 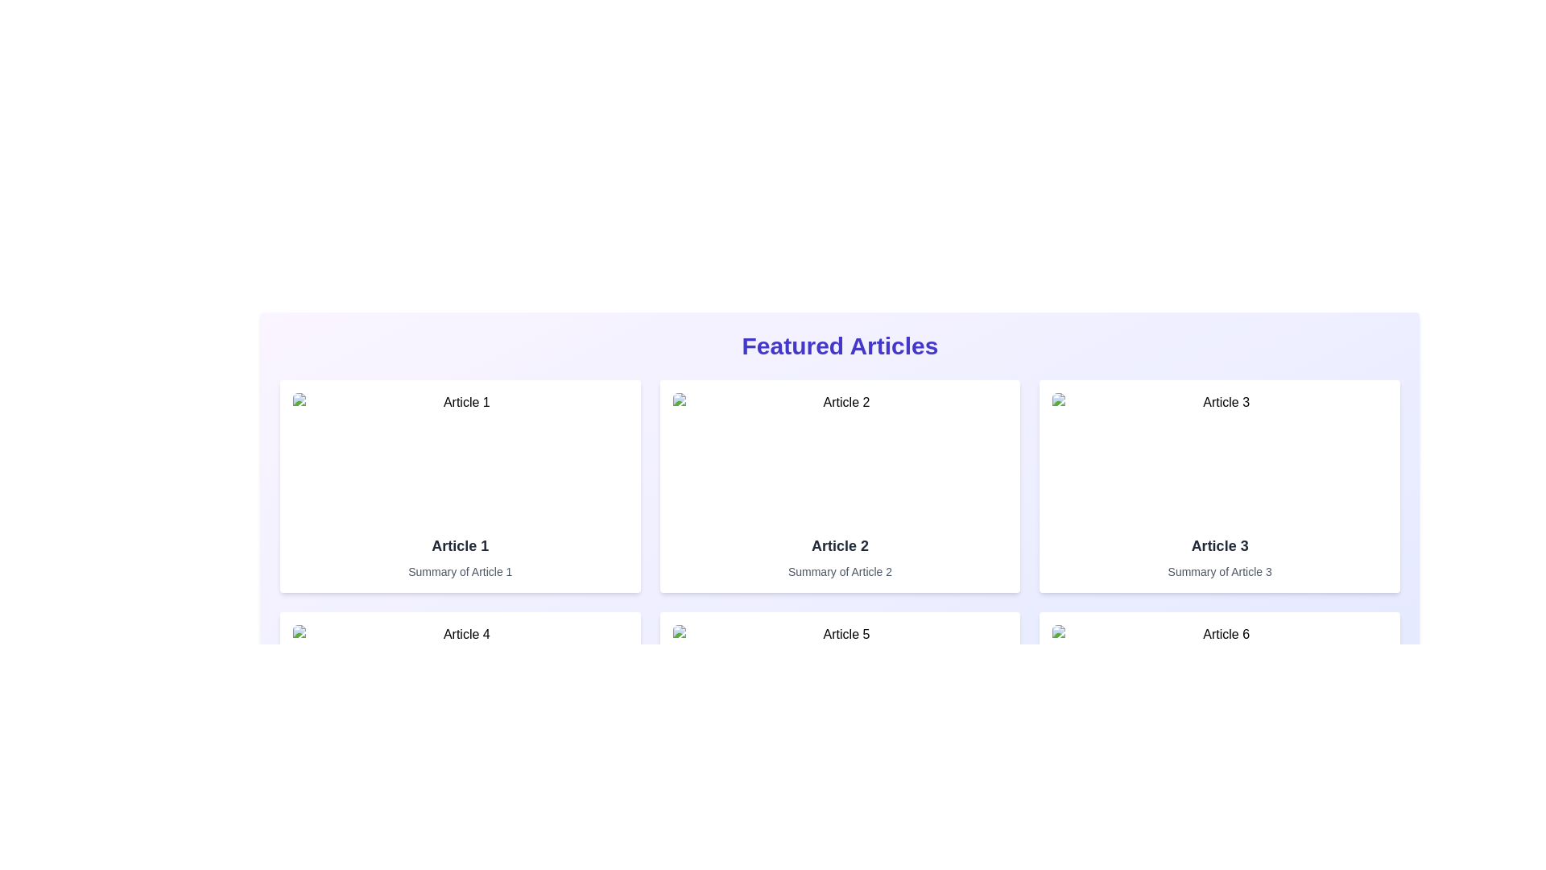 I want to click on the Card component displaying 'Article 3' in the grid layout, which has a white background and rounded corners, so click(x=1220, y=486).